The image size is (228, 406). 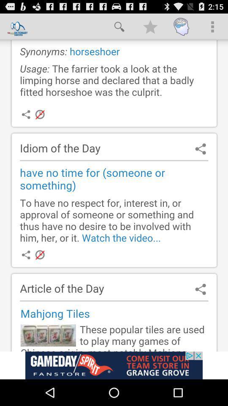 I want to click on learn about this product, so click(x=114, y=365).